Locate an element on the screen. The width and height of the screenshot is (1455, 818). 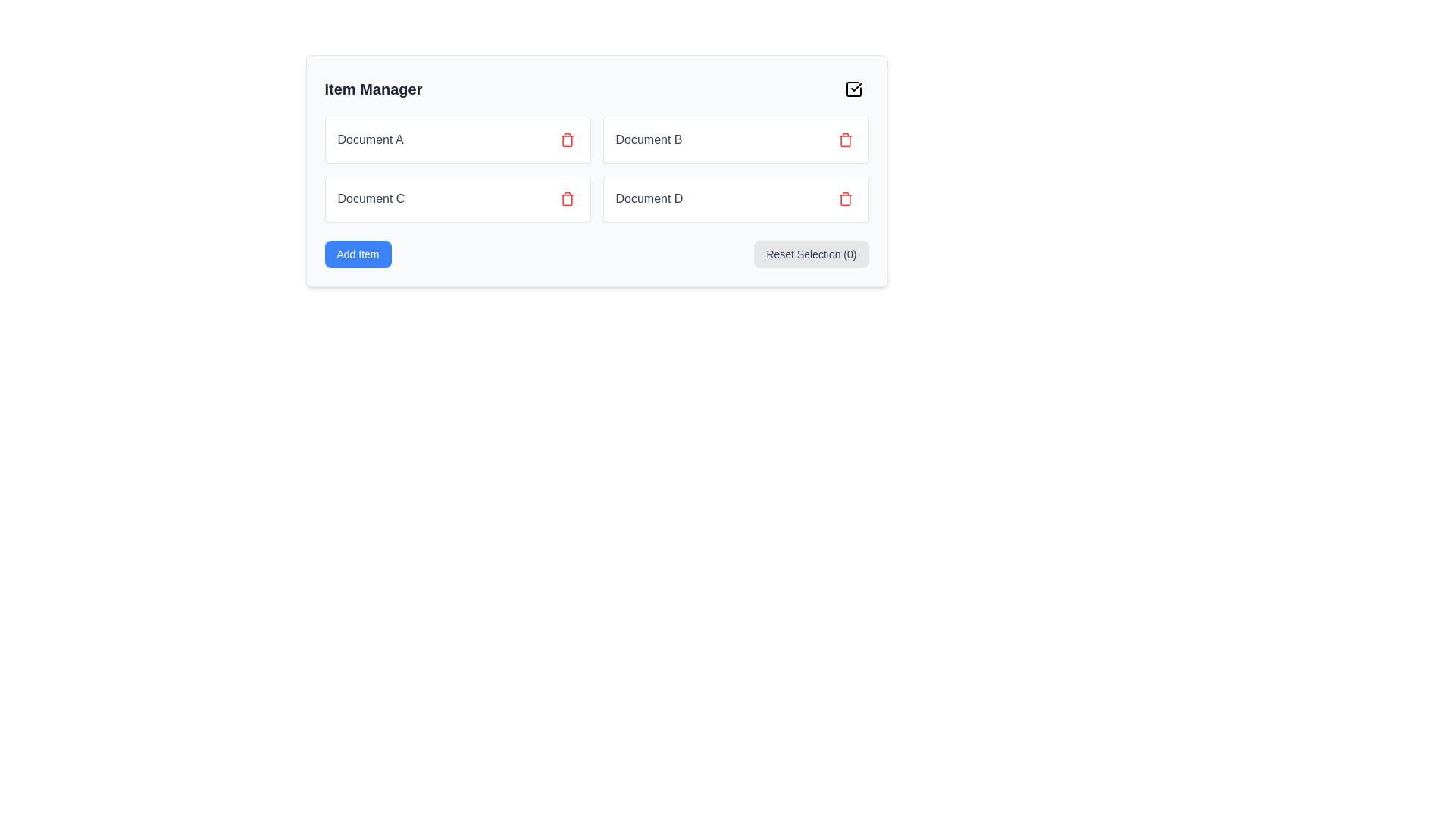
the 'Delete' button located in the top-right corner of the 'Document D' item in the 'Item Manager' interface is located at coordinates (844, 198).